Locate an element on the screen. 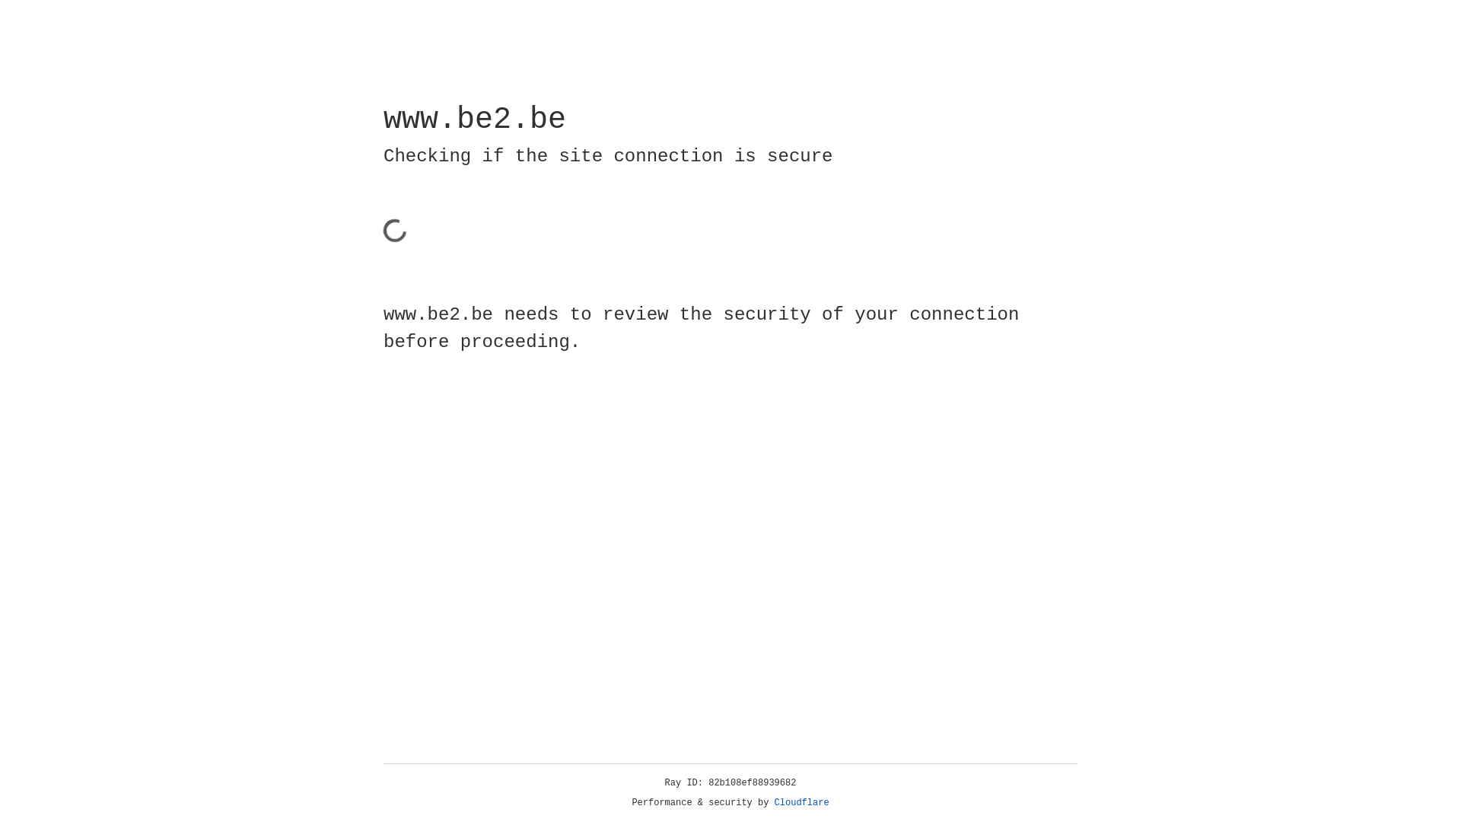 The height and width of the screenshot is (822, 1461). 'Cloudflare' is located at coordinates (774, 802).